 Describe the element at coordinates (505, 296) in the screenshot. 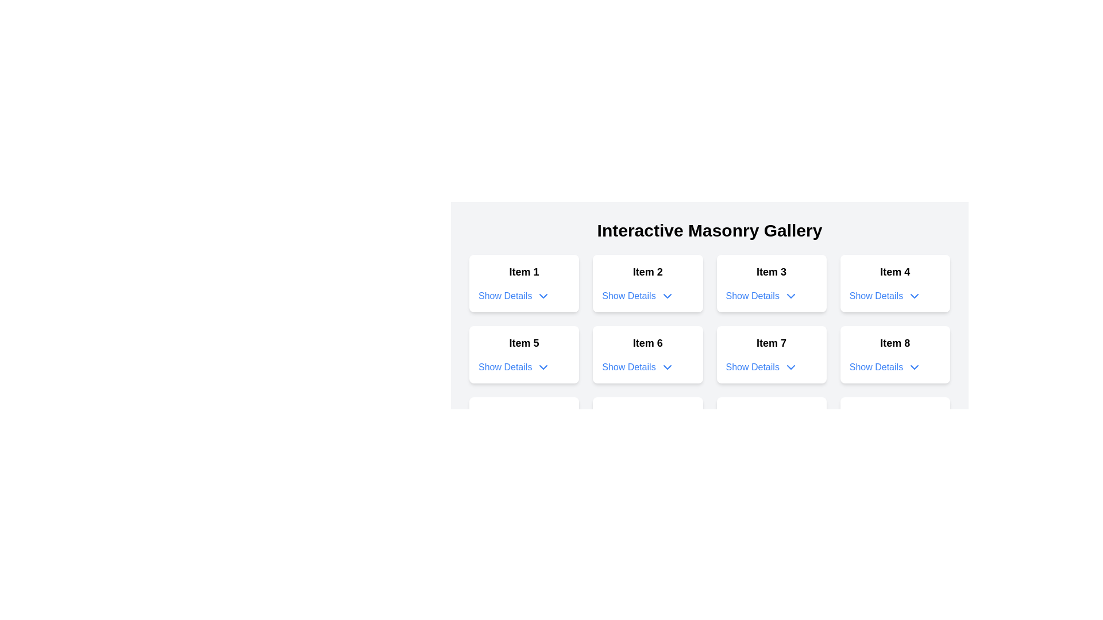

I see `the text link button under 'Item 1'` at that location.